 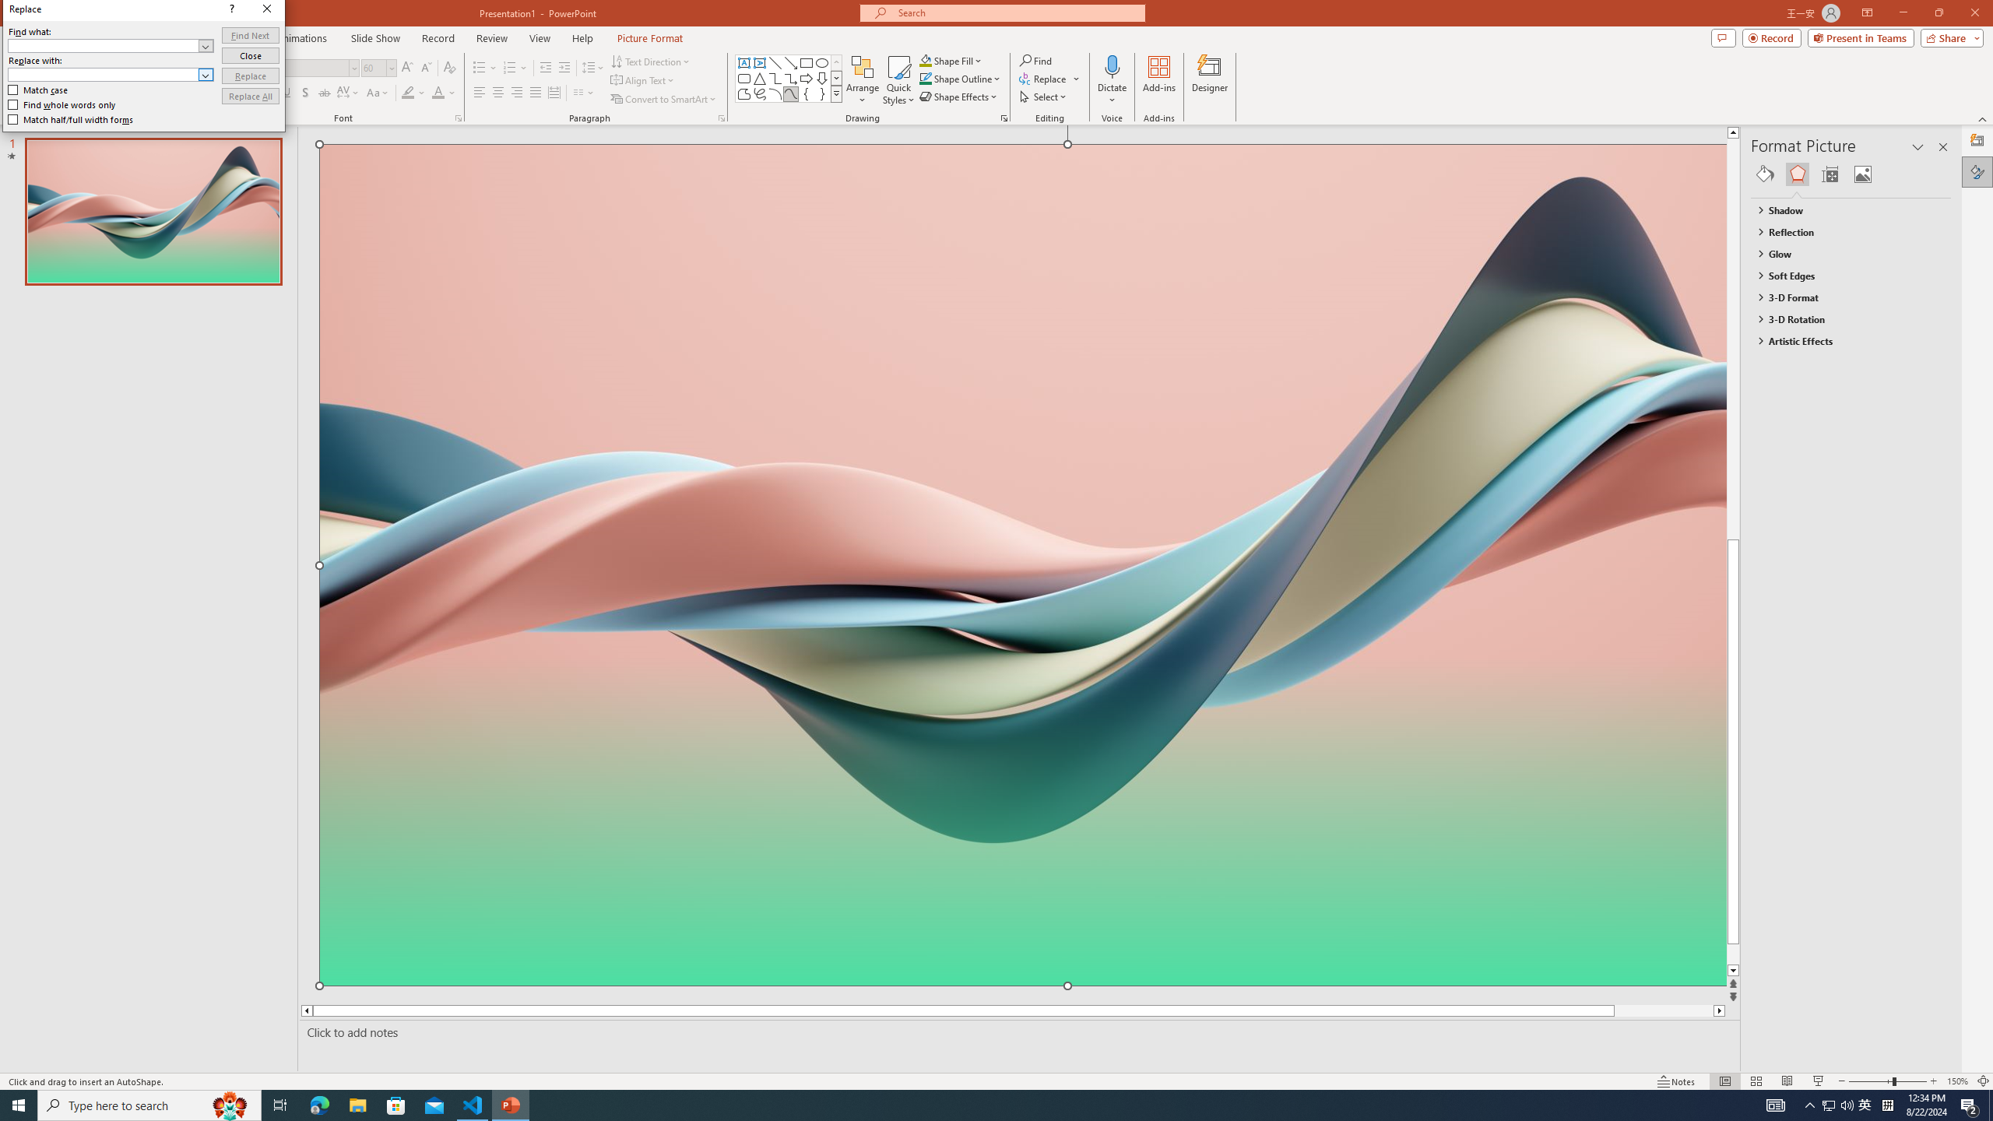 I want to click on '3-D Format', so click(x=1844, y=297).